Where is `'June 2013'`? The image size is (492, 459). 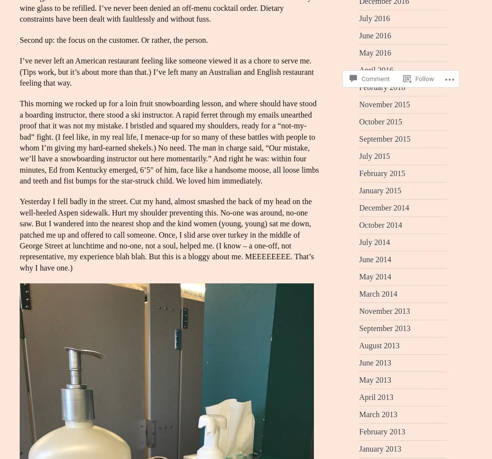 'June 2013' is located at coordinates (375, 362).